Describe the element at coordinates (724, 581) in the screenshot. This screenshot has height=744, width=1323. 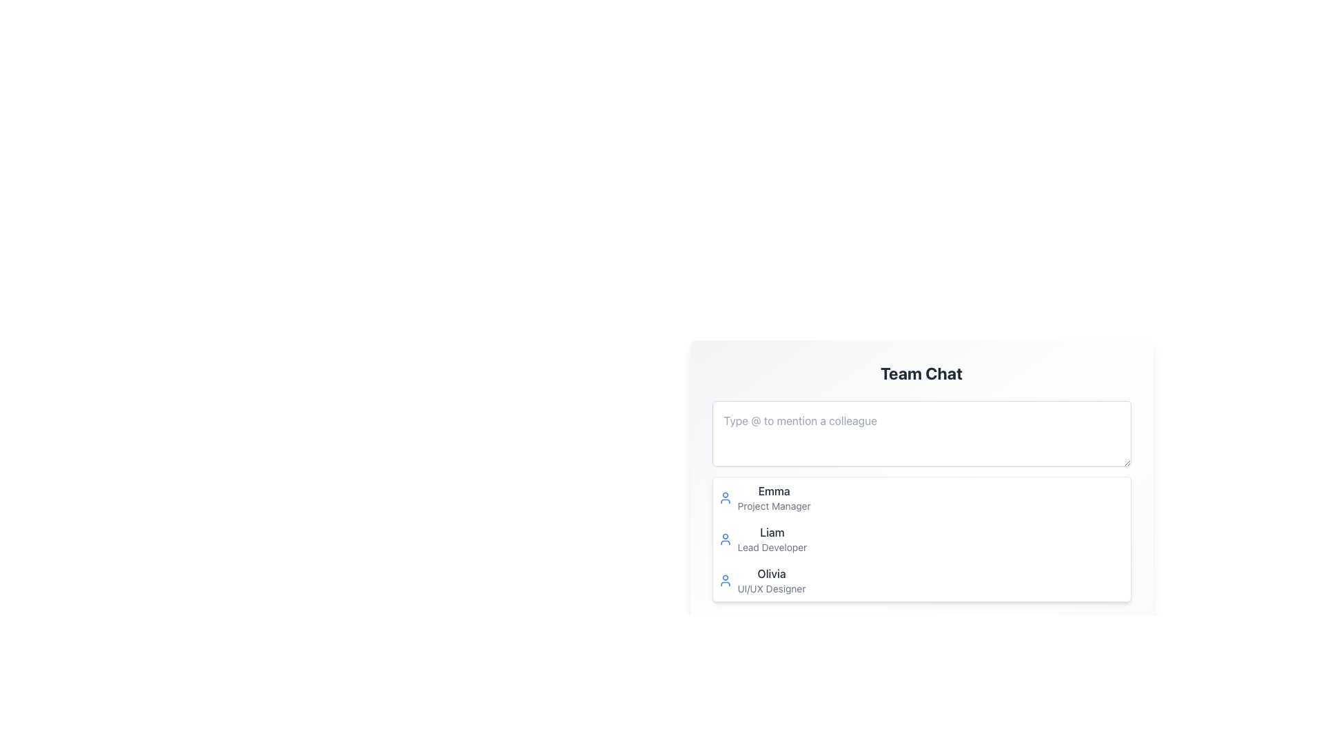
I see `the leftmost icon representing Olivia's user profile, which is positioned next to 'Olivia UI/UX Designer', to invoke an action related to her profile` at that location.